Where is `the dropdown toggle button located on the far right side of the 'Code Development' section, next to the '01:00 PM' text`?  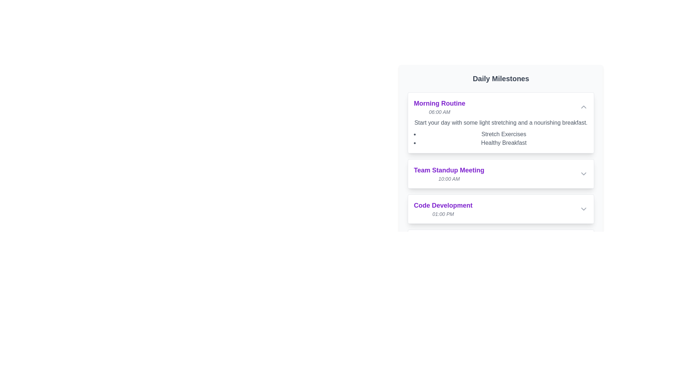
the dropdown toggle button located on the far right side of the 'Code Development' section, next to the '01:00 PM' text is located at coordinates (584, 209).